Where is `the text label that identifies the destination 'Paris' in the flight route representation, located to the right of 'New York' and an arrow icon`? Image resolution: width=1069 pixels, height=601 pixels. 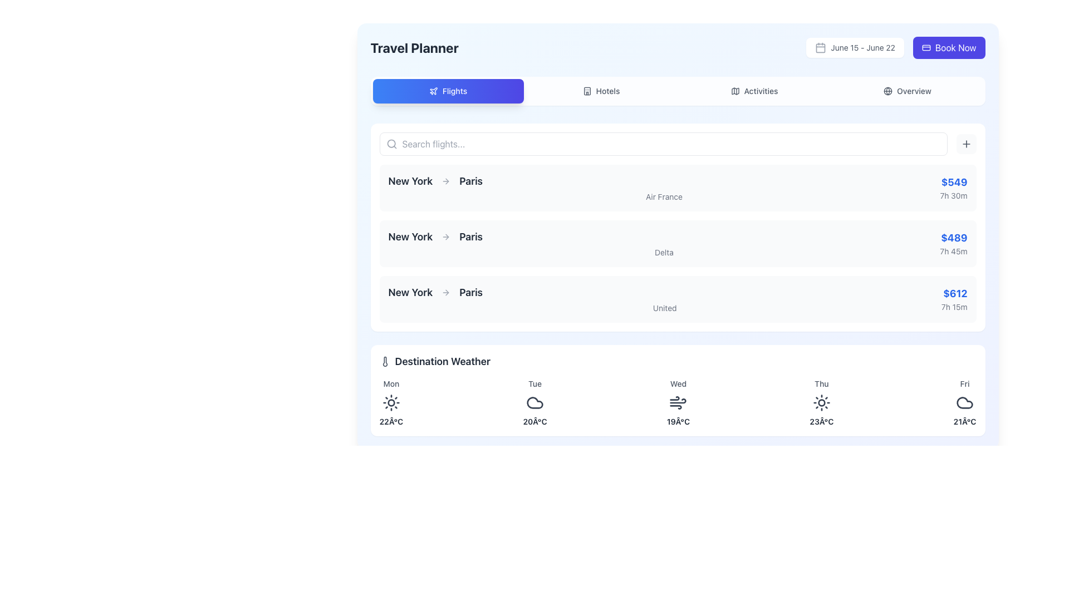 the text label that identifies the destination 'Paris' in the flight route representation, located to the right of 'New York' and an arrow icon is located at coordinates (471, 181).